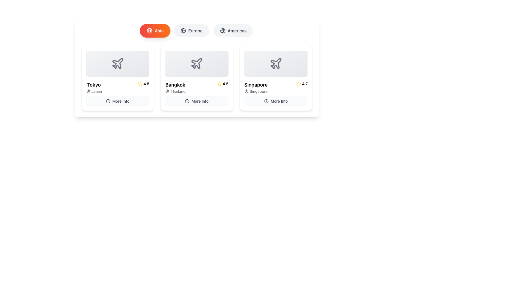  What do you see at coordinates (117, 63) in the screenshot?
I see `the airplane-shaped icon located at the top of the 'Tokyo, Japan' card to change its color from gray to blue` at bounding box center [117, 63].